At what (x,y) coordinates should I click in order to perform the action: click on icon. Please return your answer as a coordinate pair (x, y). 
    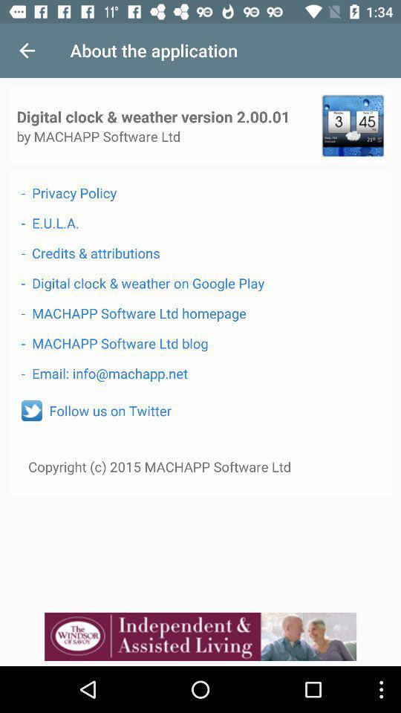
    Looking at the image, I should click on (31, 411).